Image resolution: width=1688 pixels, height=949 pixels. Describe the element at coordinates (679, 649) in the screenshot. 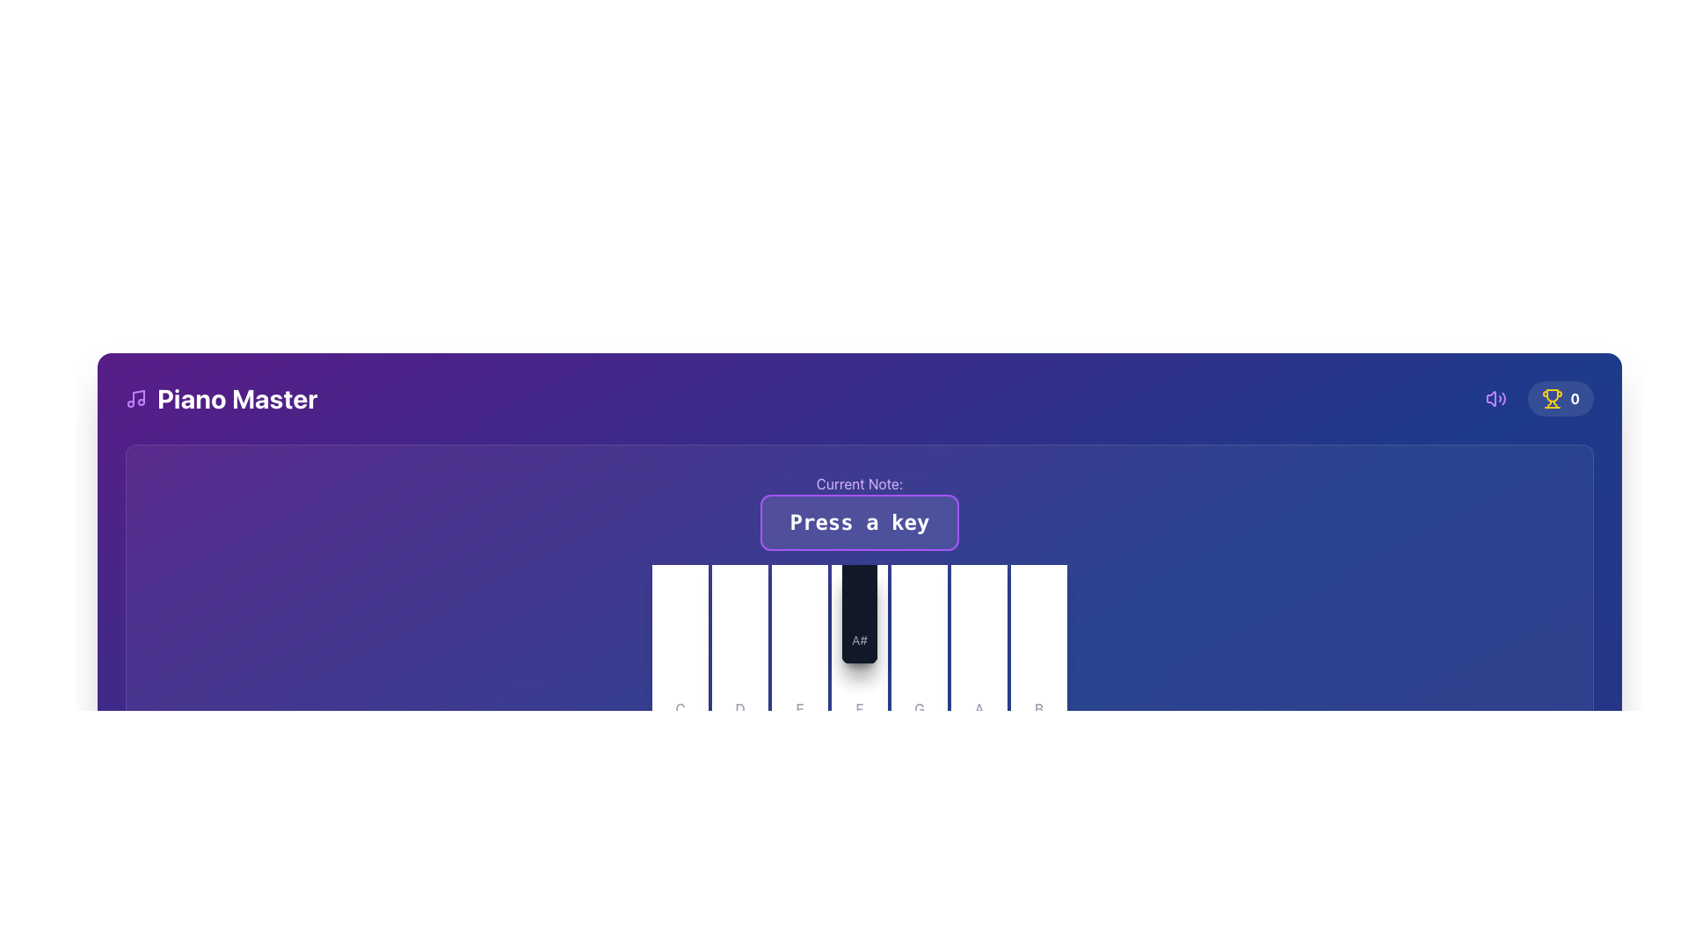

I see `the white piano key labeled 'C', which is the first key in the horizontal sequence of piano keys, to simulate pressing the key` at that location.